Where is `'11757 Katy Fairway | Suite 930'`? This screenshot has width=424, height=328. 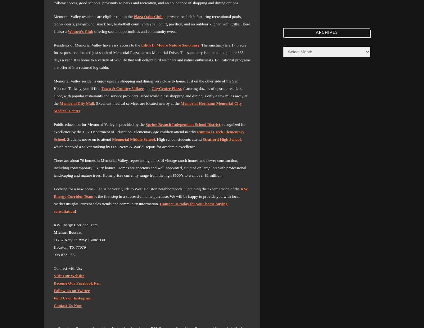
'11757 Katy Fairway | Suite 930' is located at coordinates (79, 240).